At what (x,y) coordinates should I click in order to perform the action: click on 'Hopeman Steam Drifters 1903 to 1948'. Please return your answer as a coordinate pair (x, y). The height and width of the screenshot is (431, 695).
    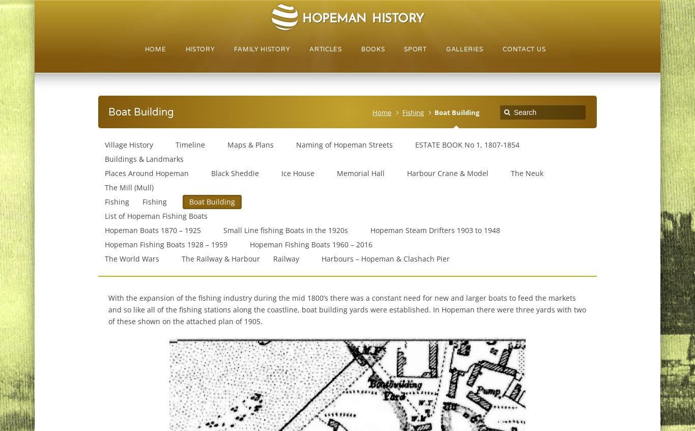
    Looking at the image, I should click on (434, 230).